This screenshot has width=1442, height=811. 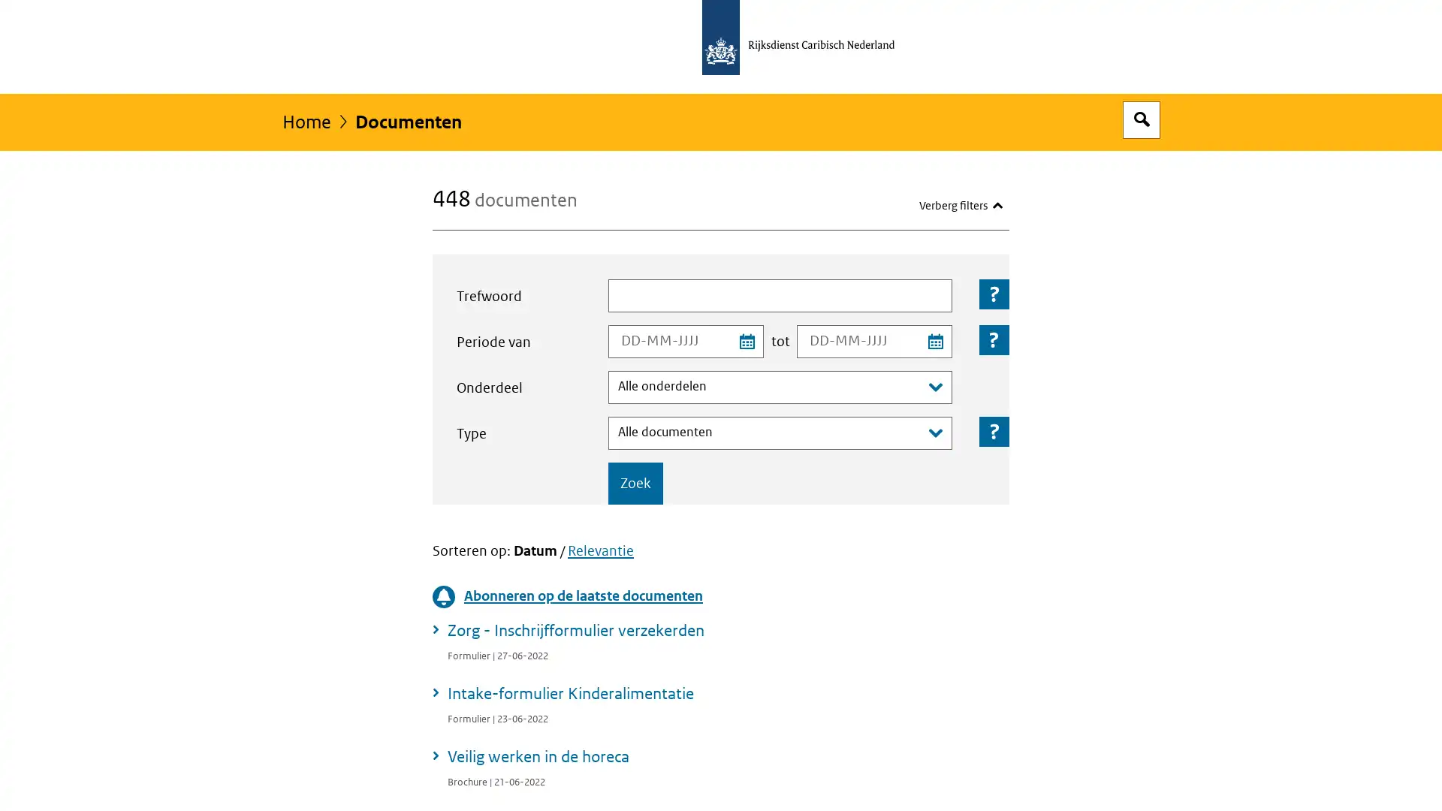 I want to click on <span class="assistive">Kies startdatum uit kalender</span>, so click(x=747, y=341).